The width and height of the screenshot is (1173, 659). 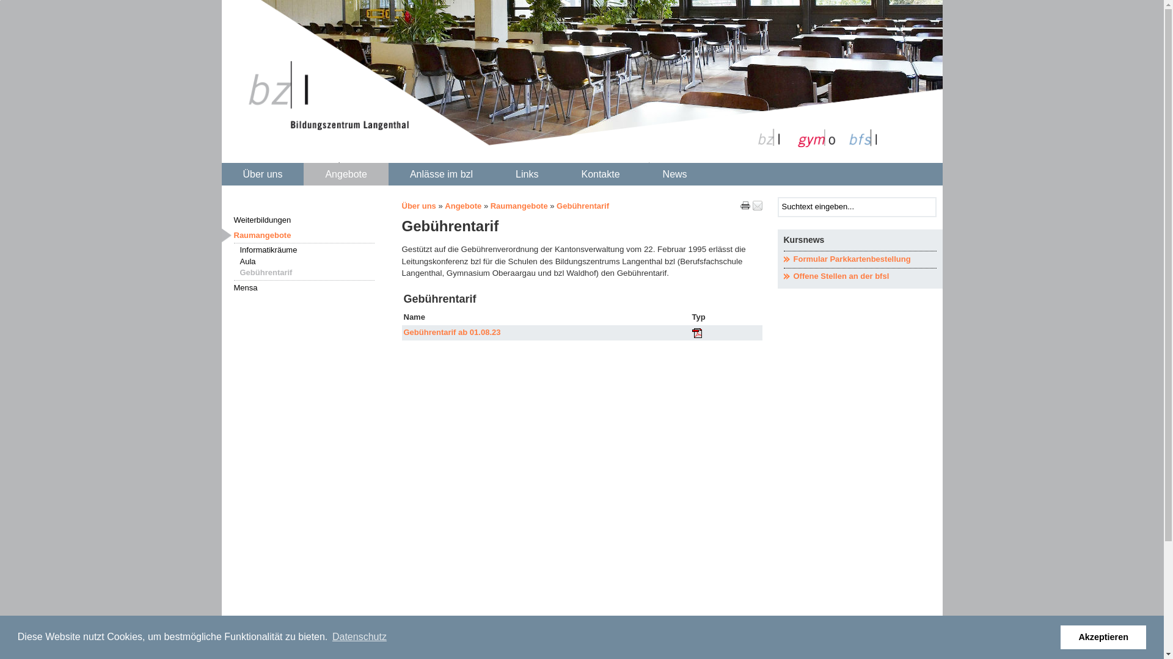 I want to click on 'Angebote', so click(x=345, y=175).